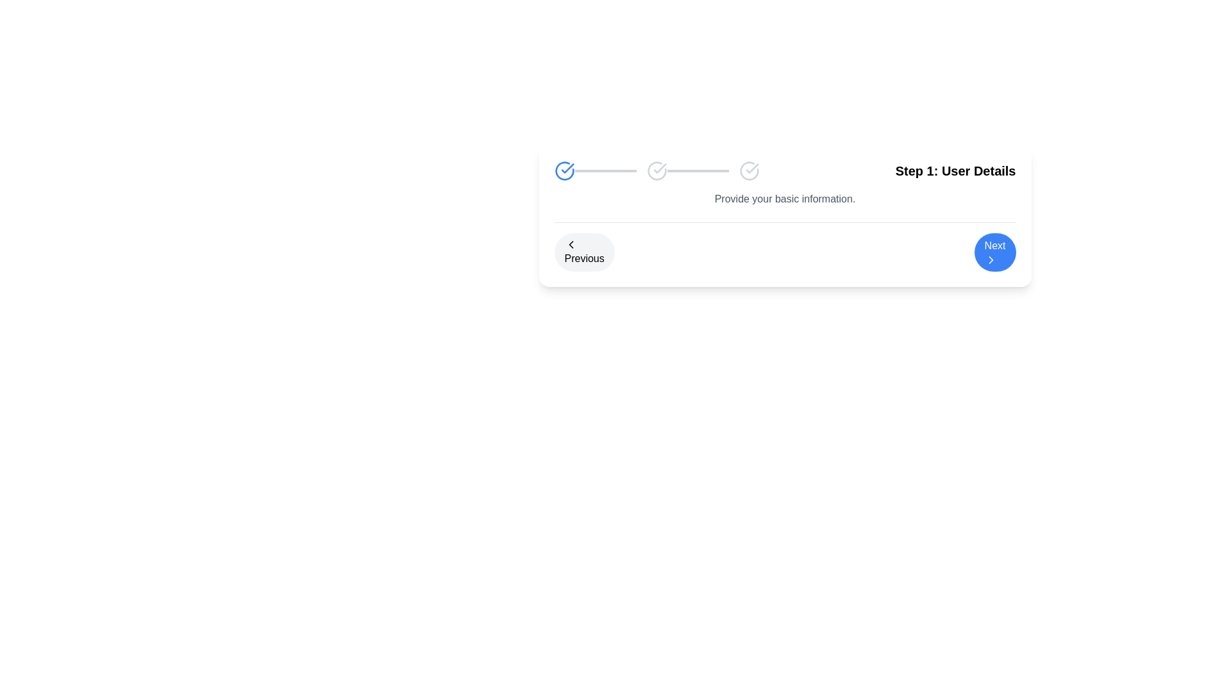  I want to click on the circular checkmark icon in light gray indicating an uncompleted step in the progress tracker, positioned between the second step and the textual description 'Step 1: User Details', so click(749, 170).